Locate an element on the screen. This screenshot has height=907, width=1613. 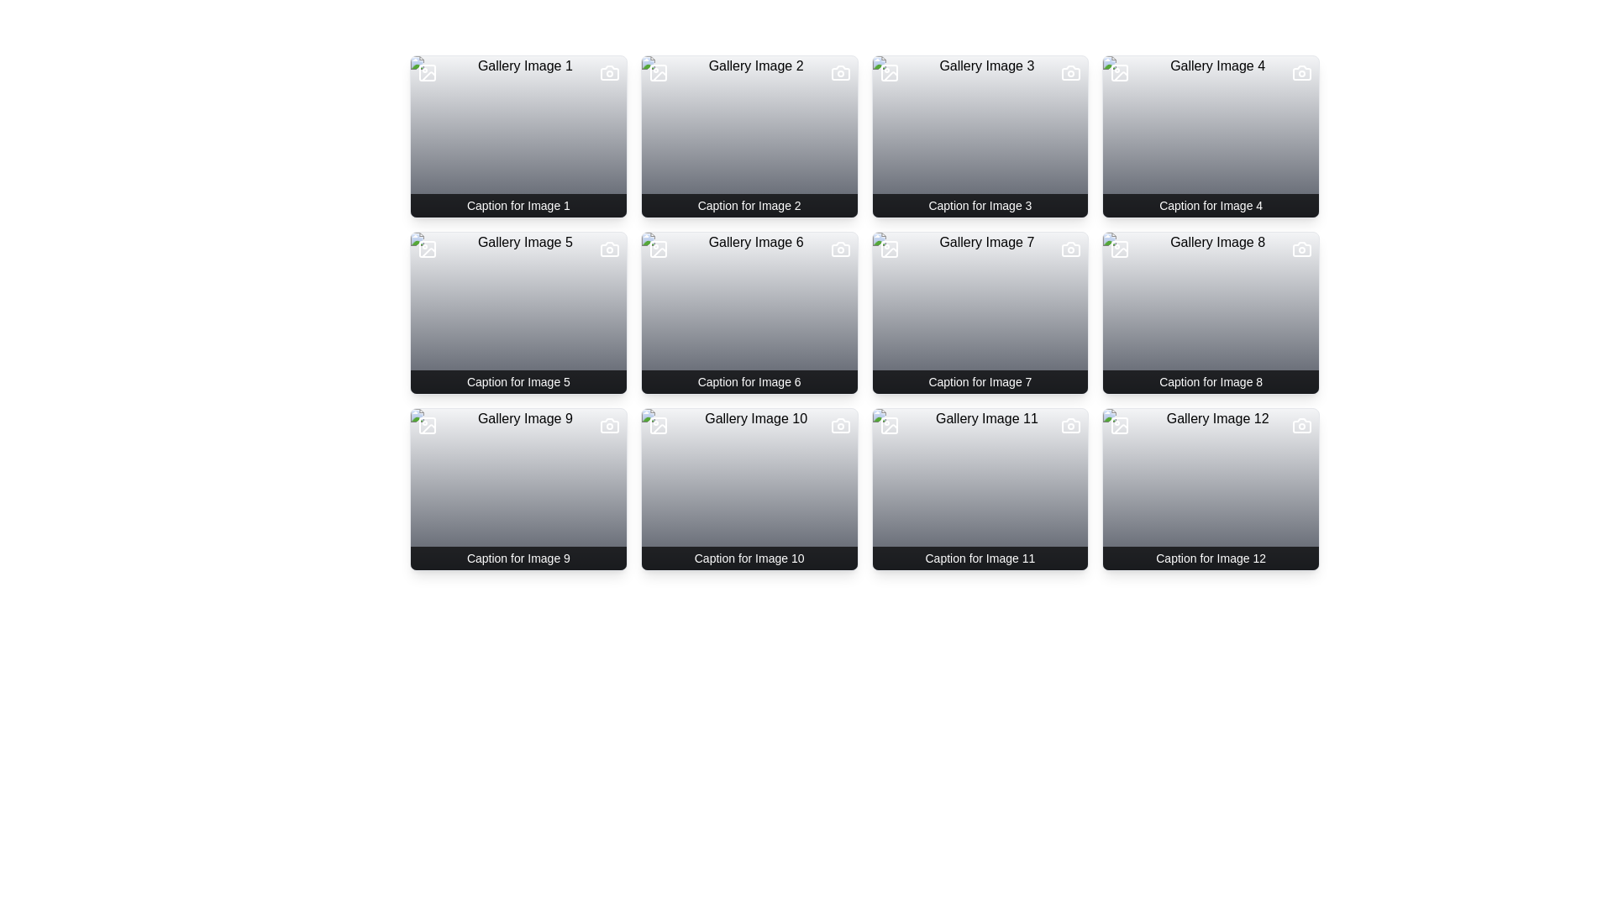
the small white outlined rectangle icon with a circular detail located at the top-left corner of the 'Gallery Image 10' card is located at coordinates (657, 424).